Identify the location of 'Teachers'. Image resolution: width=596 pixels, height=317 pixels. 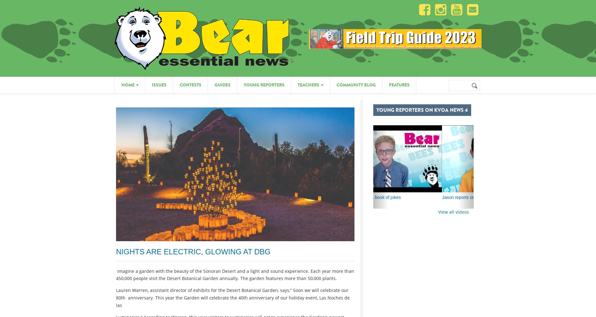
(309, 85).